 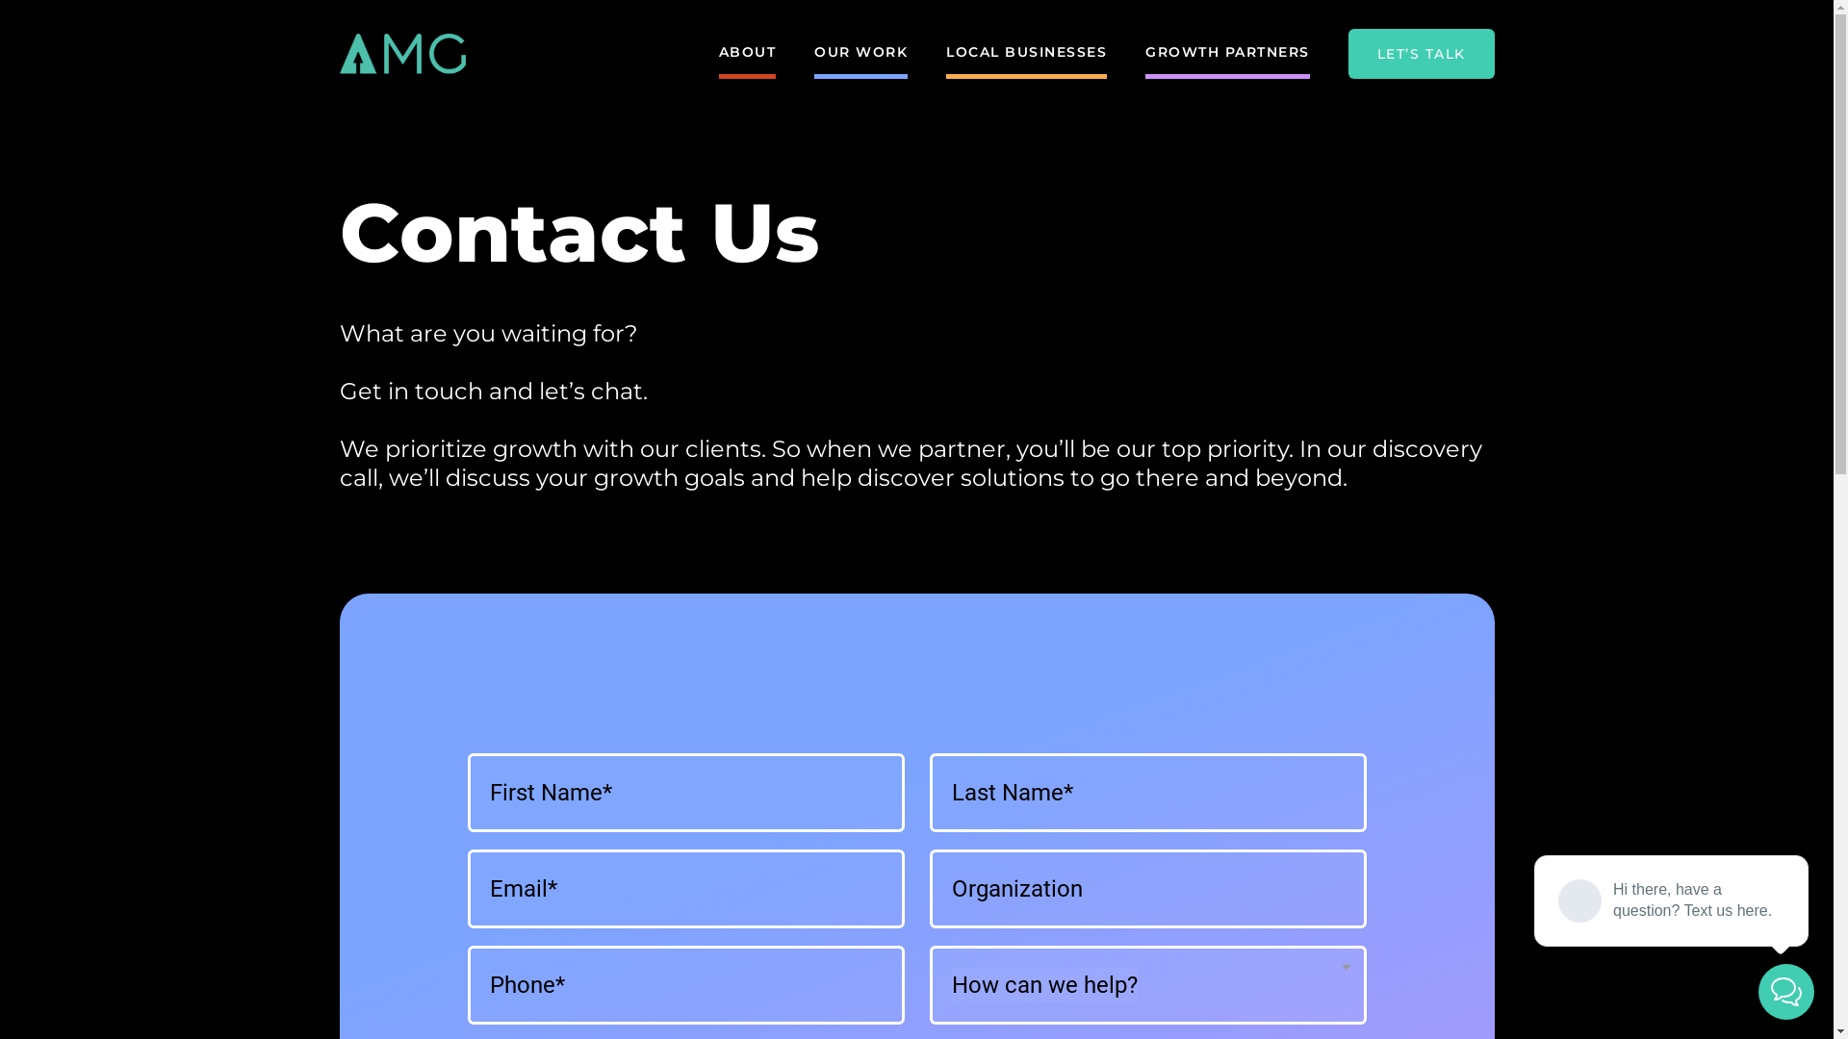 I want to click on 'GROWTH PARTNERS', so click(x=1226, y=53).